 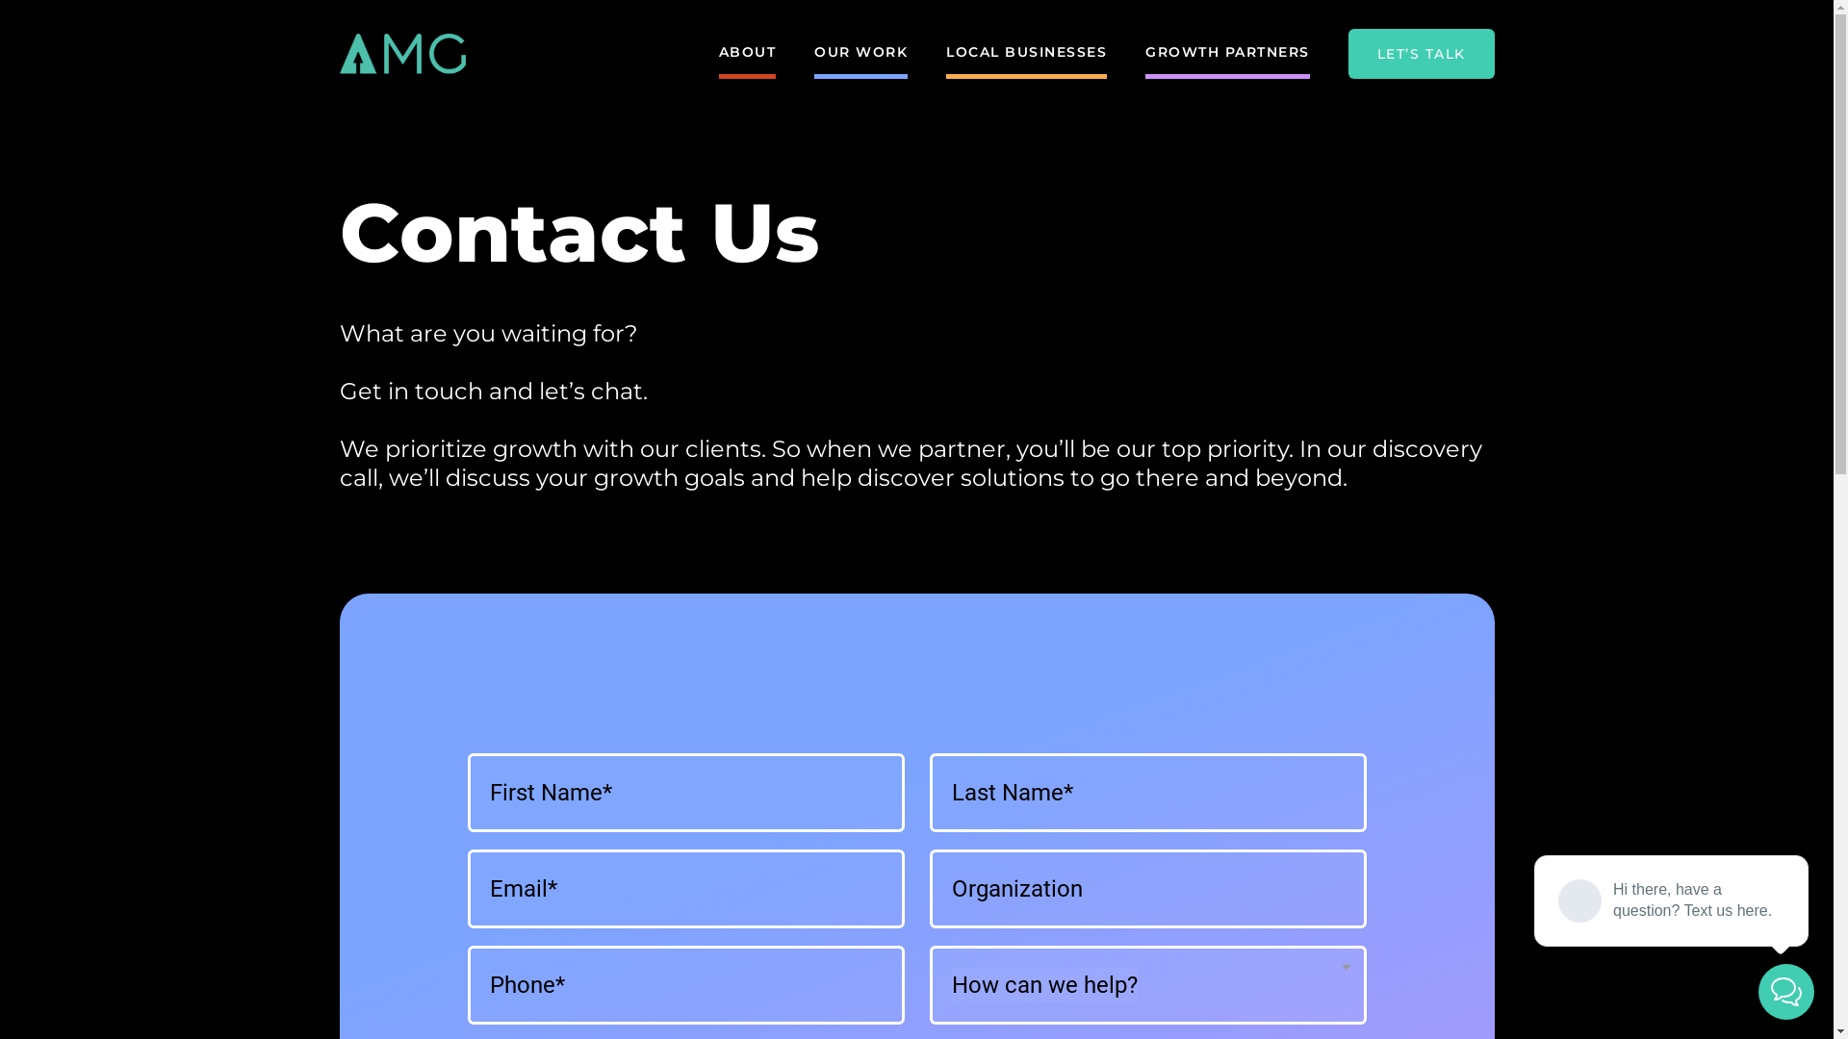 I want to click on 'GROWTH PARTNERS', so click(x=1226, y=53).